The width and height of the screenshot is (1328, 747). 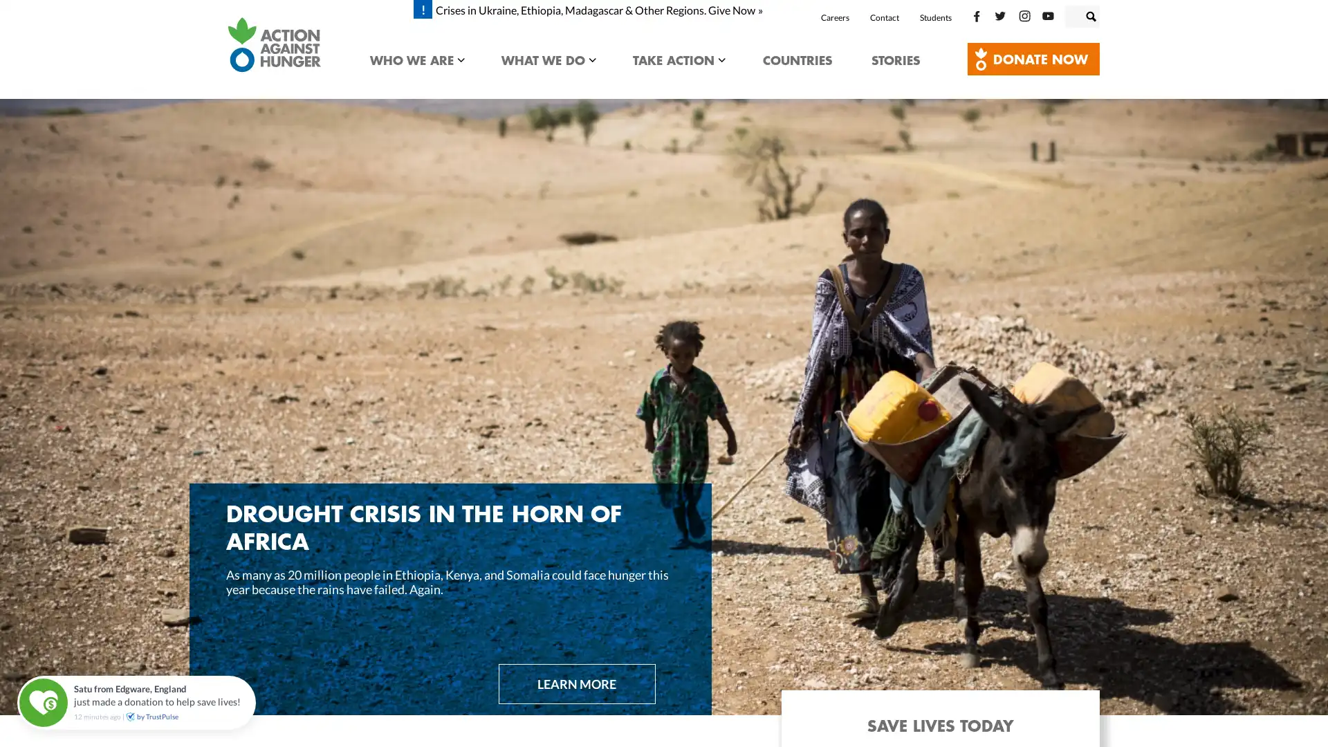 What do you see at coordinates (1105, 13) in the screenshot?
I see `Search` at bounding box center [1105, 13].